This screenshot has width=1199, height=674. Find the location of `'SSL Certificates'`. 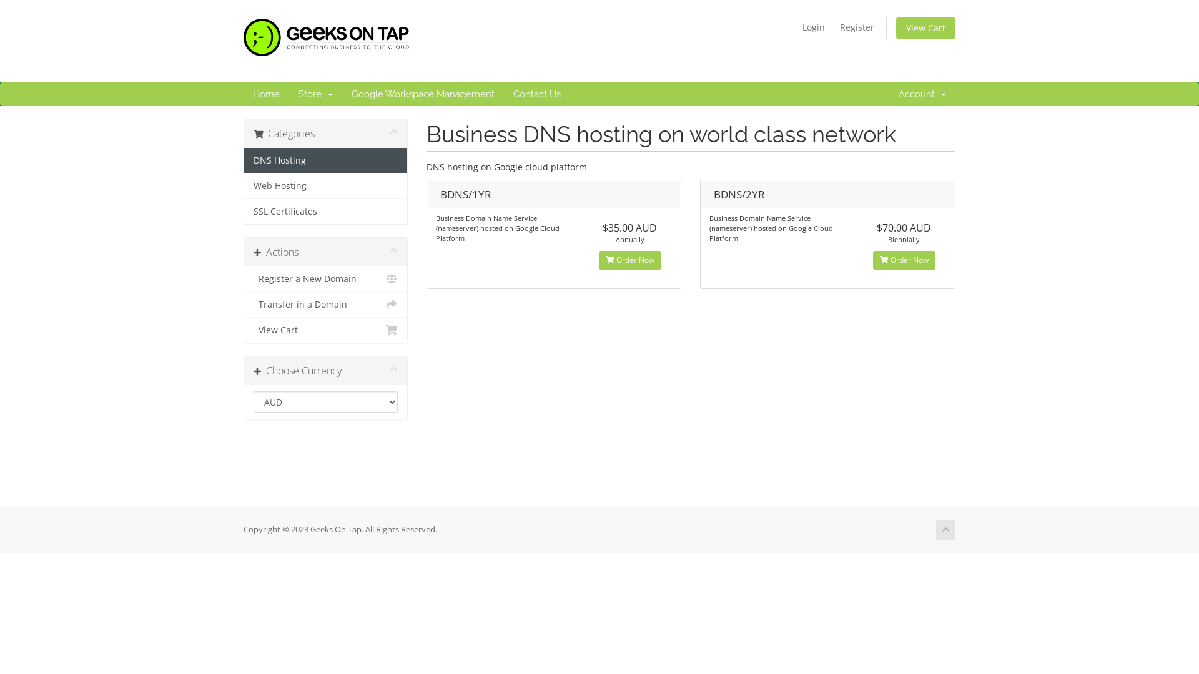

'SSL Certificates' is located at coordinates (325, 211).